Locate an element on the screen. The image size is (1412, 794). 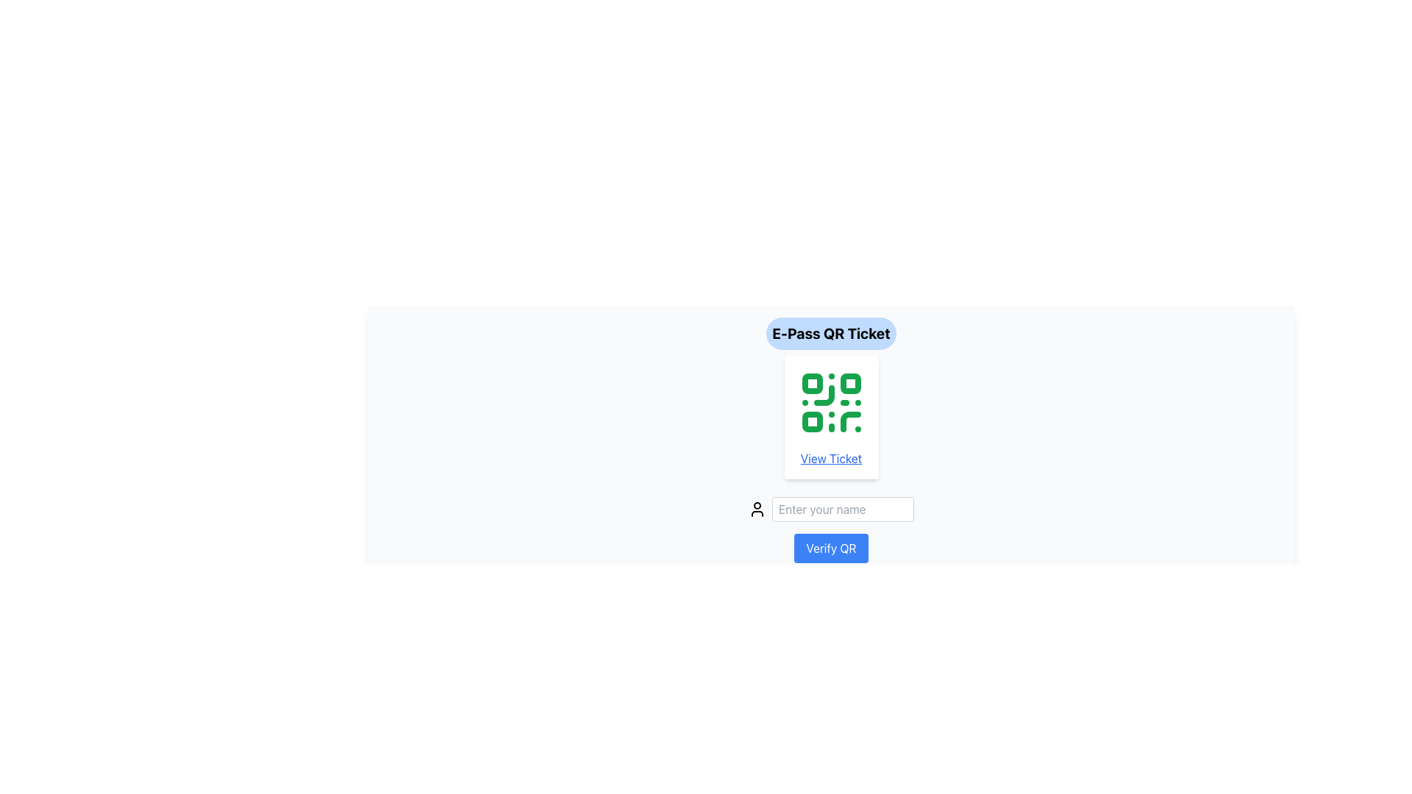
the green SVG Rectangle element that is the first square block in the QR code under the 'E-Pass QR Ticket' header is located at coordinates (811, 382).